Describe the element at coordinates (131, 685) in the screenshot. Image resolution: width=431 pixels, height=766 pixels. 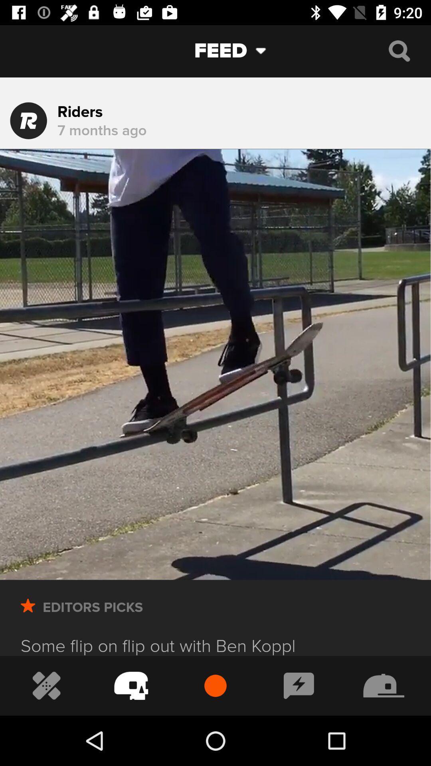
I see `show cart` at that location.